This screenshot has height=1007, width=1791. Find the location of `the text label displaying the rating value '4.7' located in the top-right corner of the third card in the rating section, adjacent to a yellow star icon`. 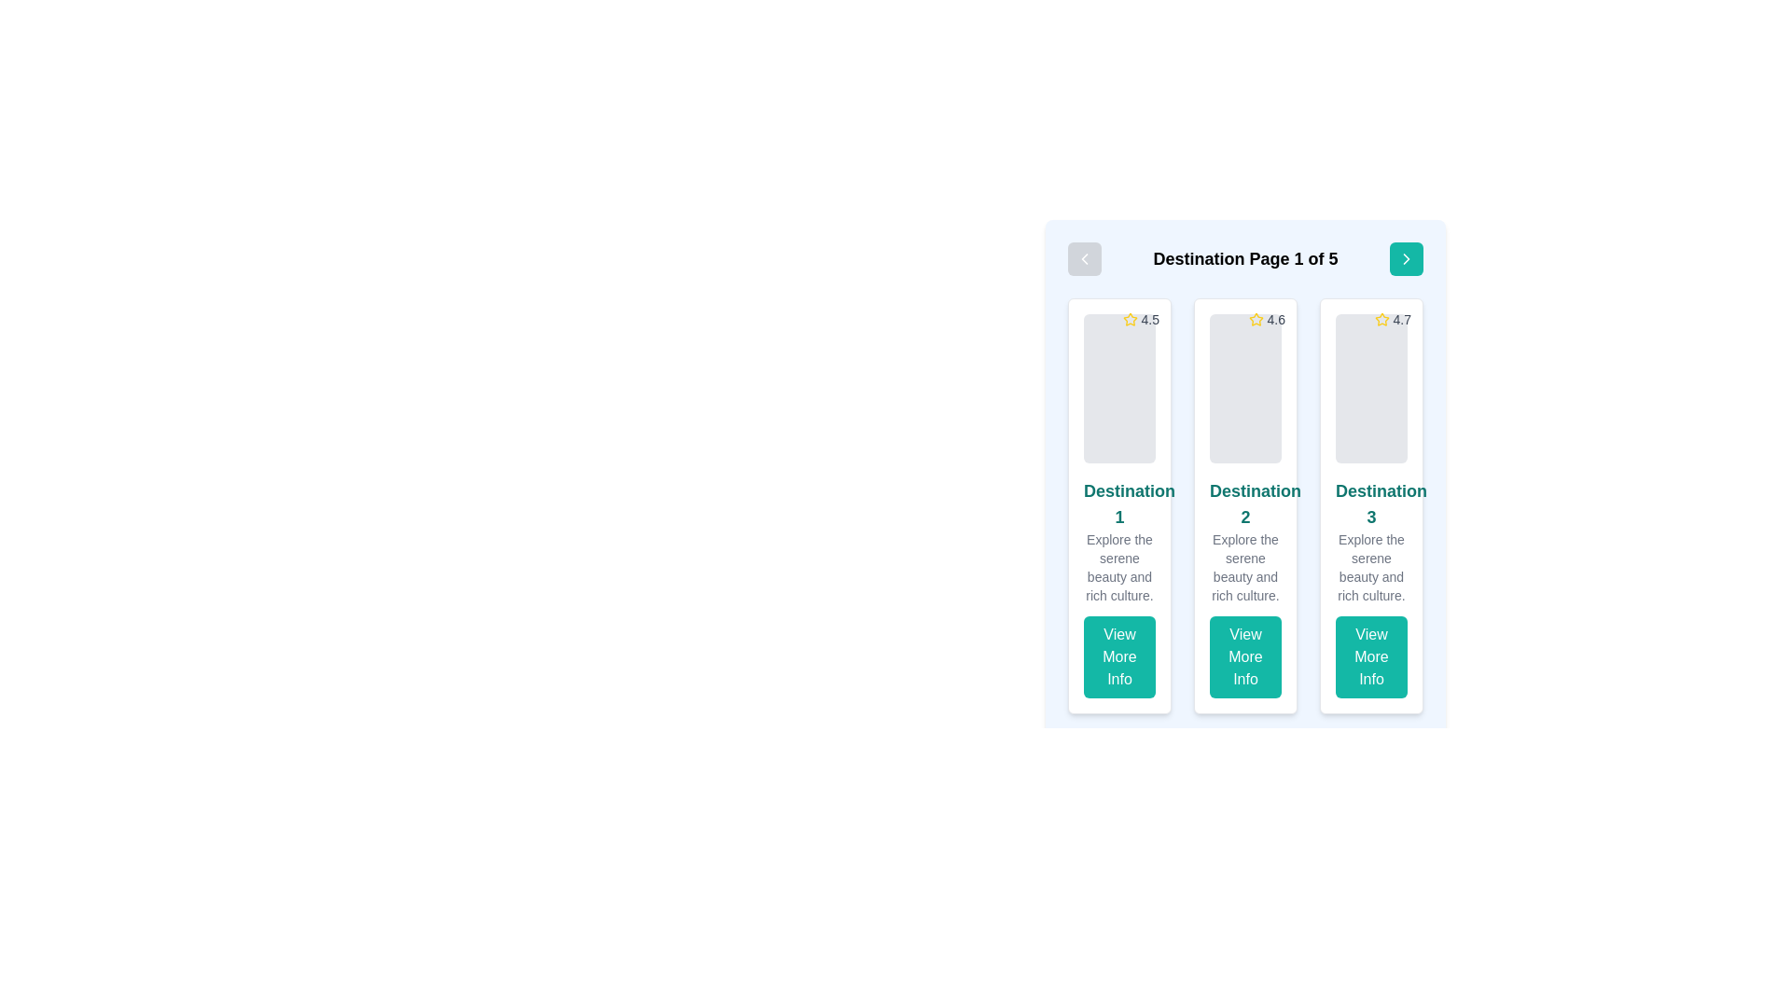

the text label displaying the rating value '4.7' located in the top-right corner of the third card in the rating section, adjacent to a yellow star icon is located at coordinates (1402, 319).